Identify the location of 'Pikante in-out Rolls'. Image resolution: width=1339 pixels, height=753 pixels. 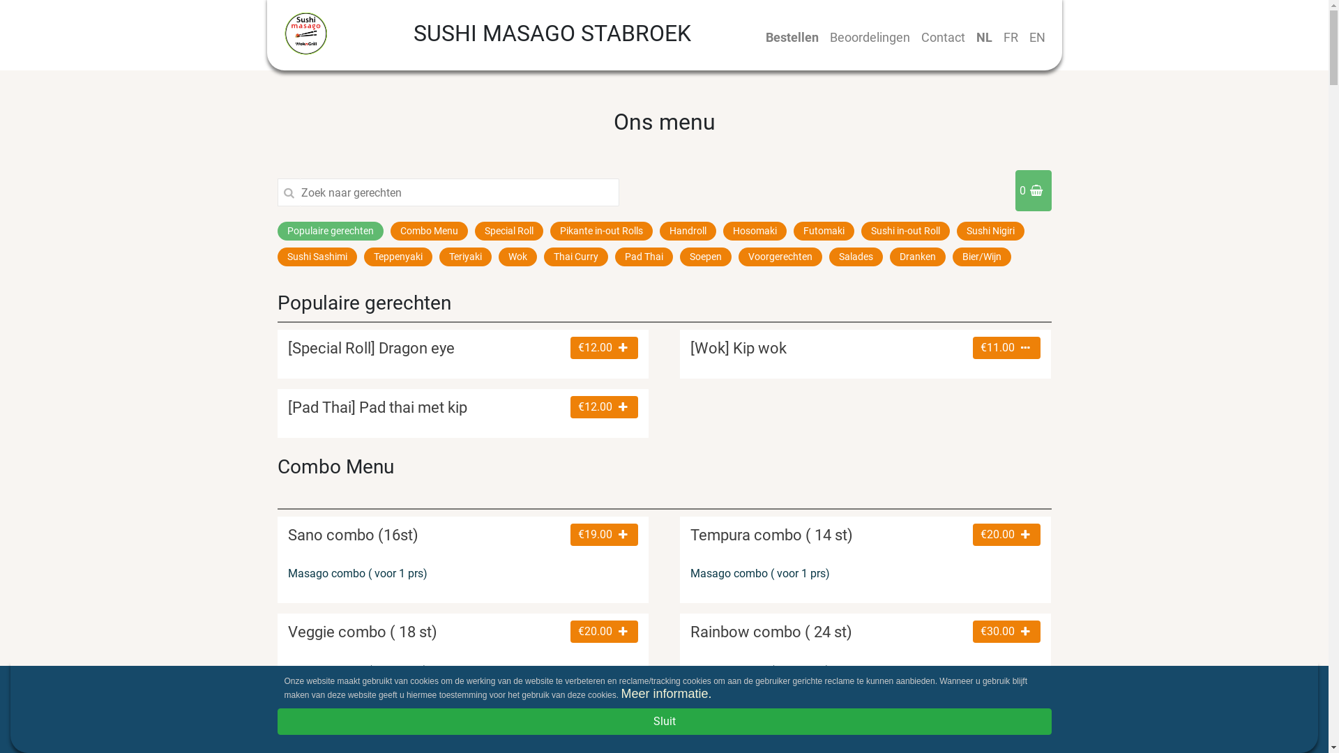
(600, 230).